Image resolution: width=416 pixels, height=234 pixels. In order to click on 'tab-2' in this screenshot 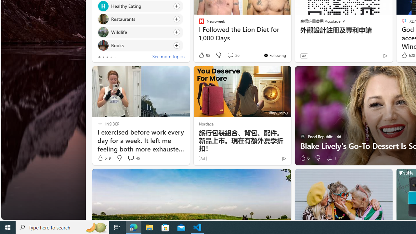, I will do `click(107, 57)`.